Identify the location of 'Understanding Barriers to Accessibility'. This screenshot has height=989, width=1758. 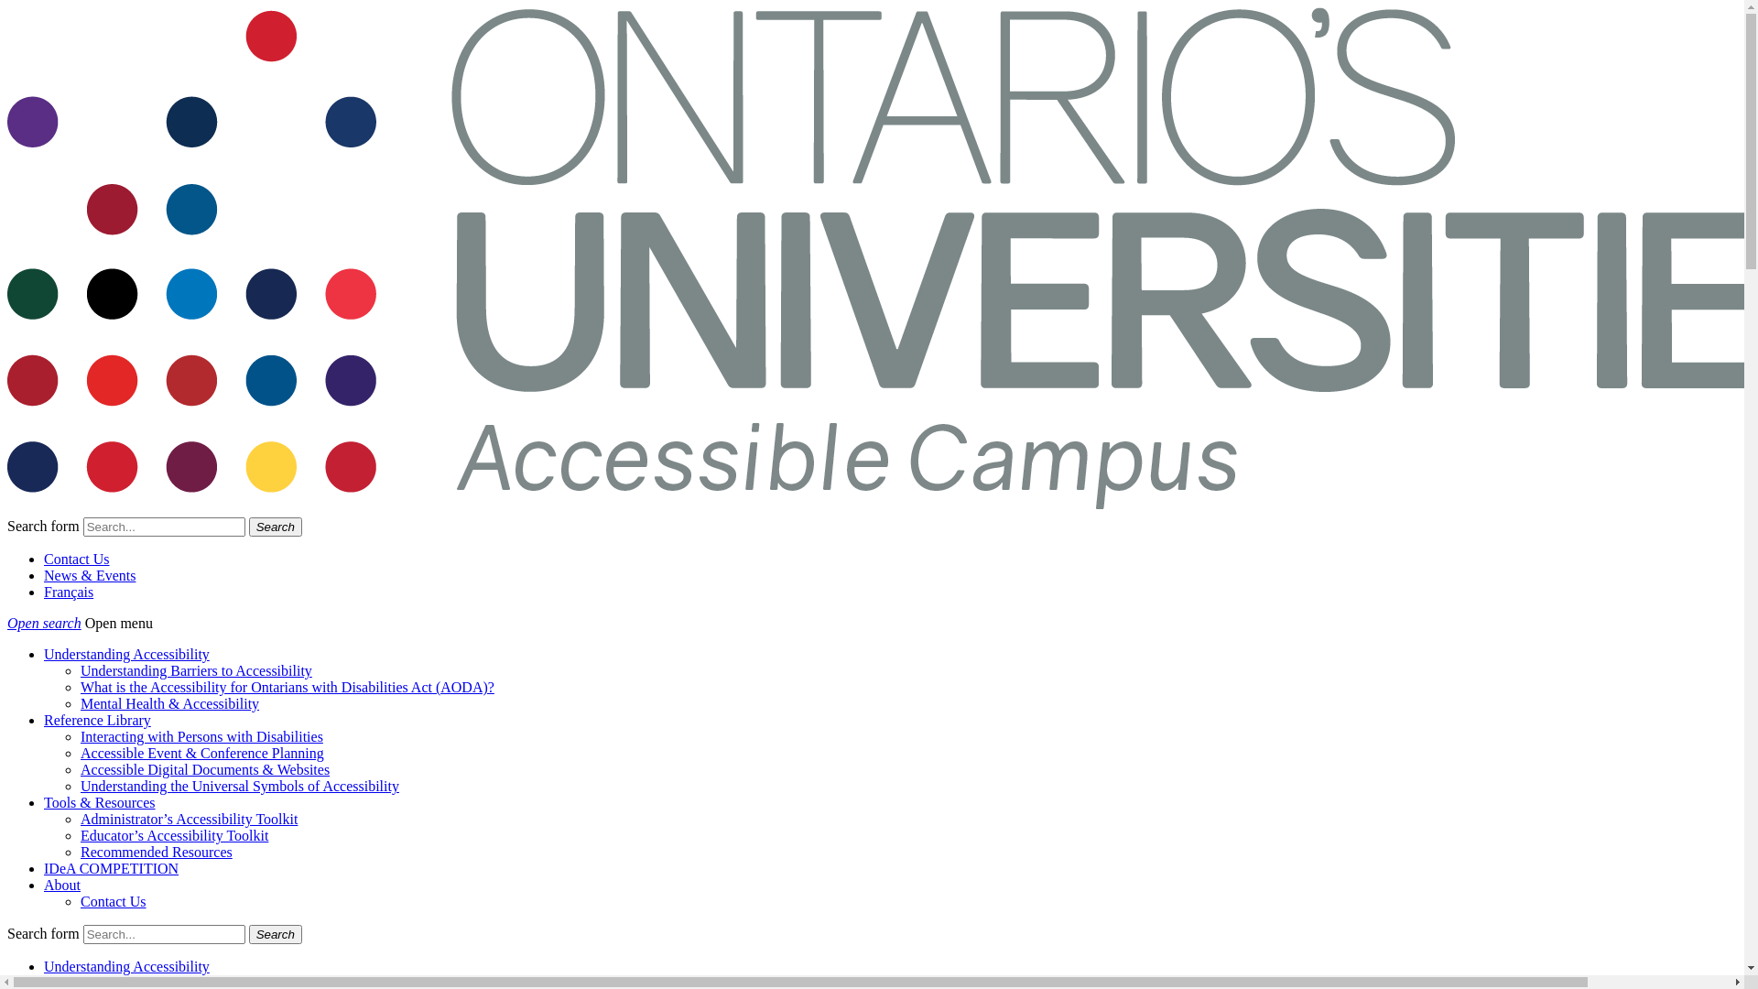
(196, 670).